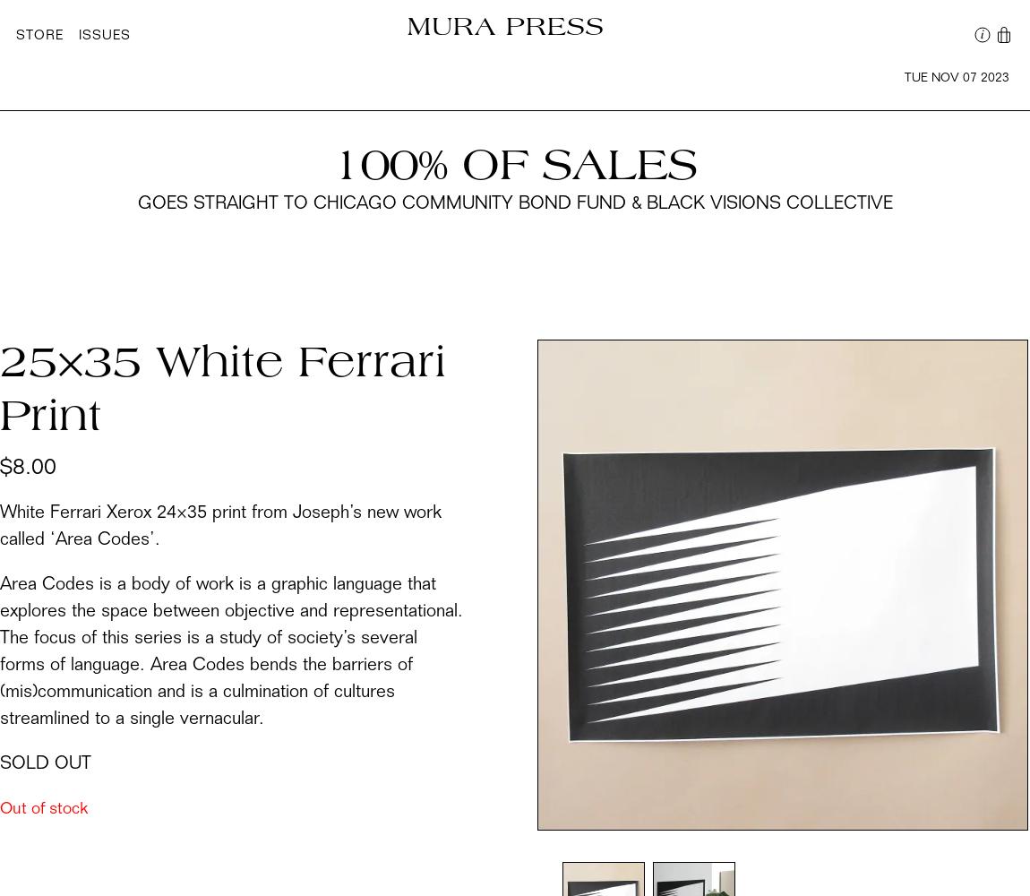 The image size is (1030, 896). What do you see at coordinates (44, 763) in the screenshot?
I see `'SOLD OUT'` at bounding box center [44, 763].